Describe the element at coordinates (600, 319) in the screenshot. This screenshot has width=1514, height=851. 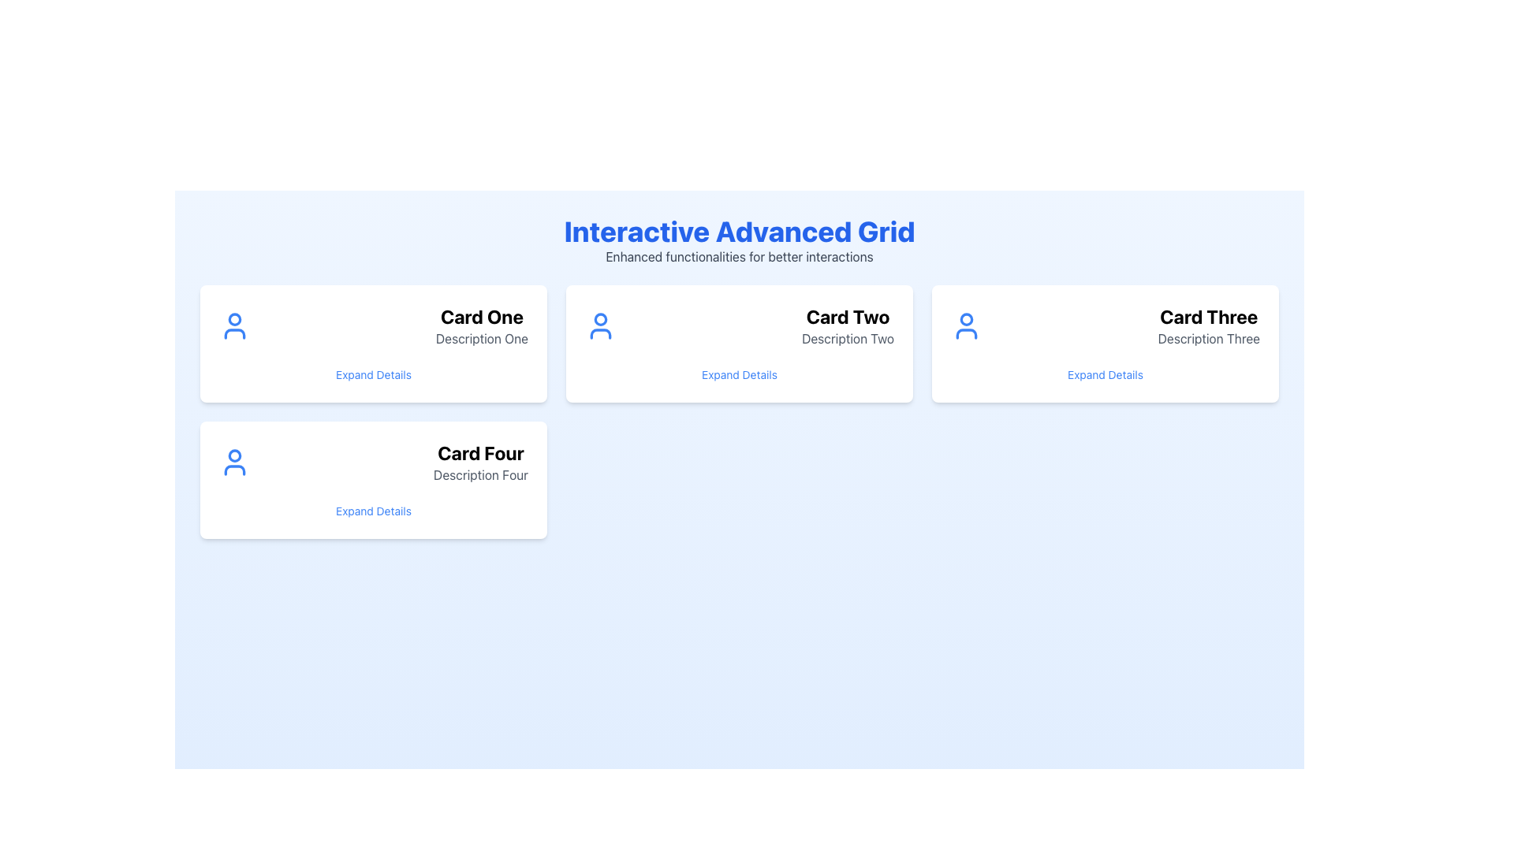
I see `the graphical representation of a user's head in the user profile icon, located above the text 'Card Two' in the second card from the left in the top row of the grid layout` at that location.